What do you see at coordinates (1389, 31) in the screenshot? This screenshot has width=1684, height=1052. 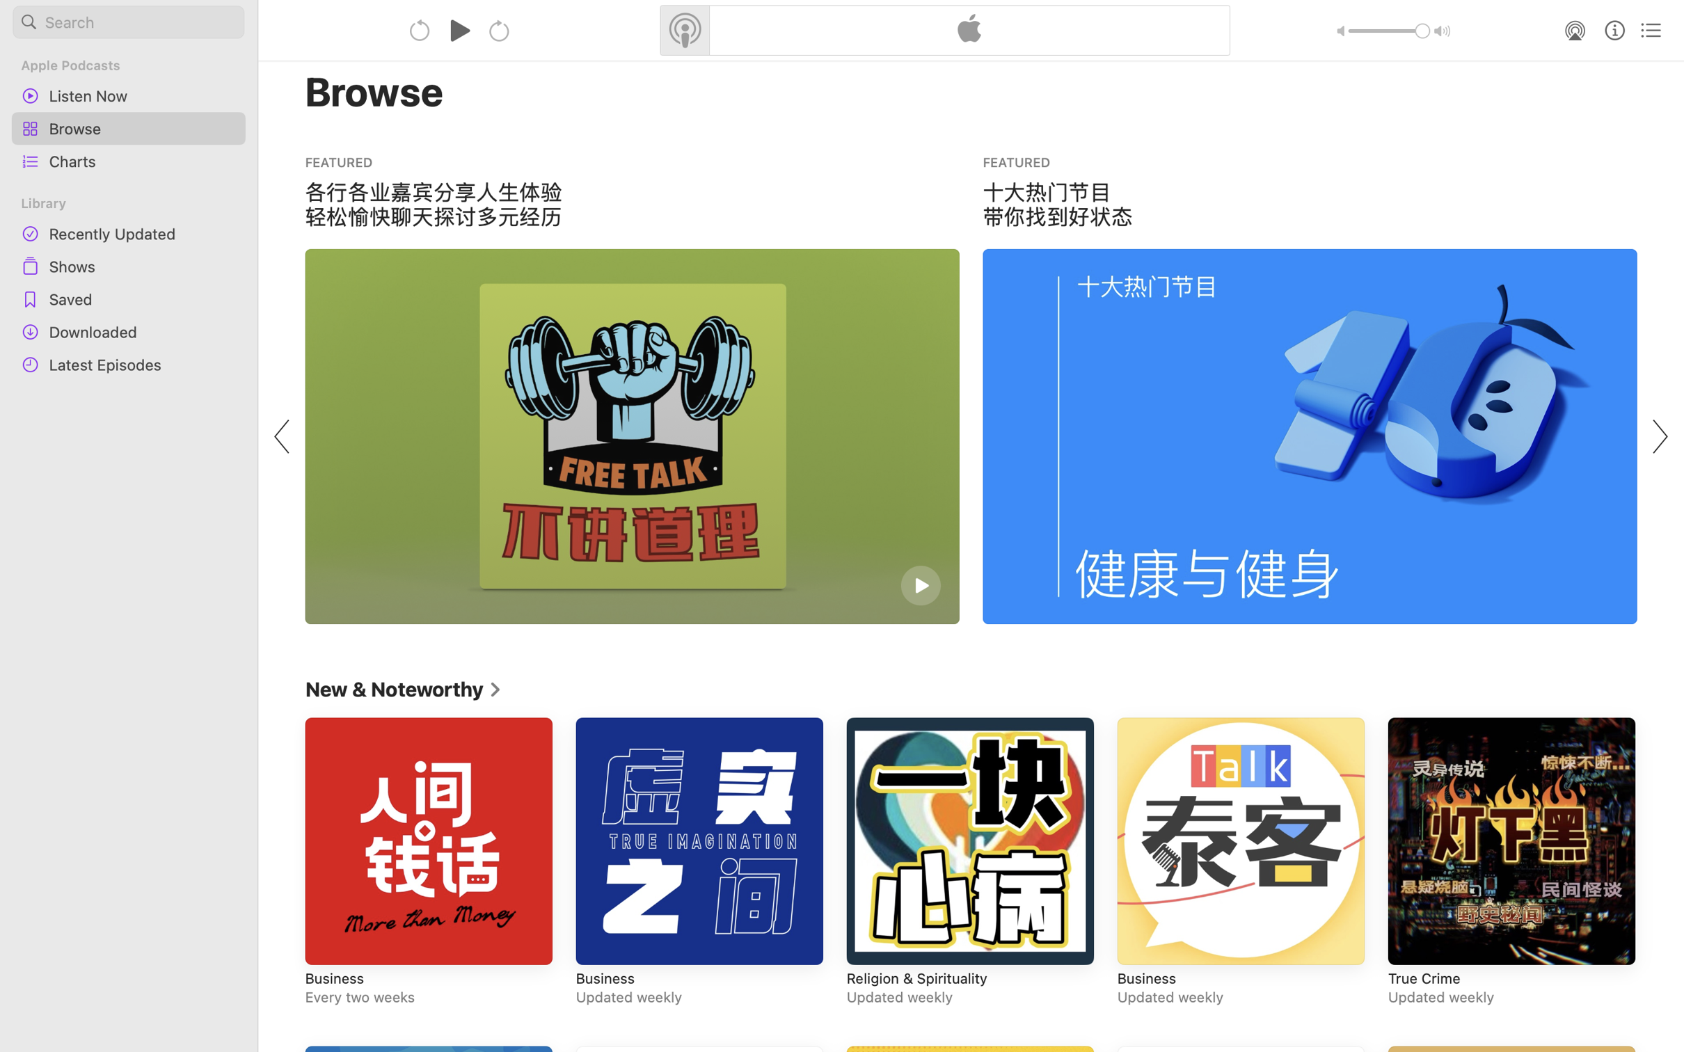 I see `'1.0'` at bounding box center [1389, 31].